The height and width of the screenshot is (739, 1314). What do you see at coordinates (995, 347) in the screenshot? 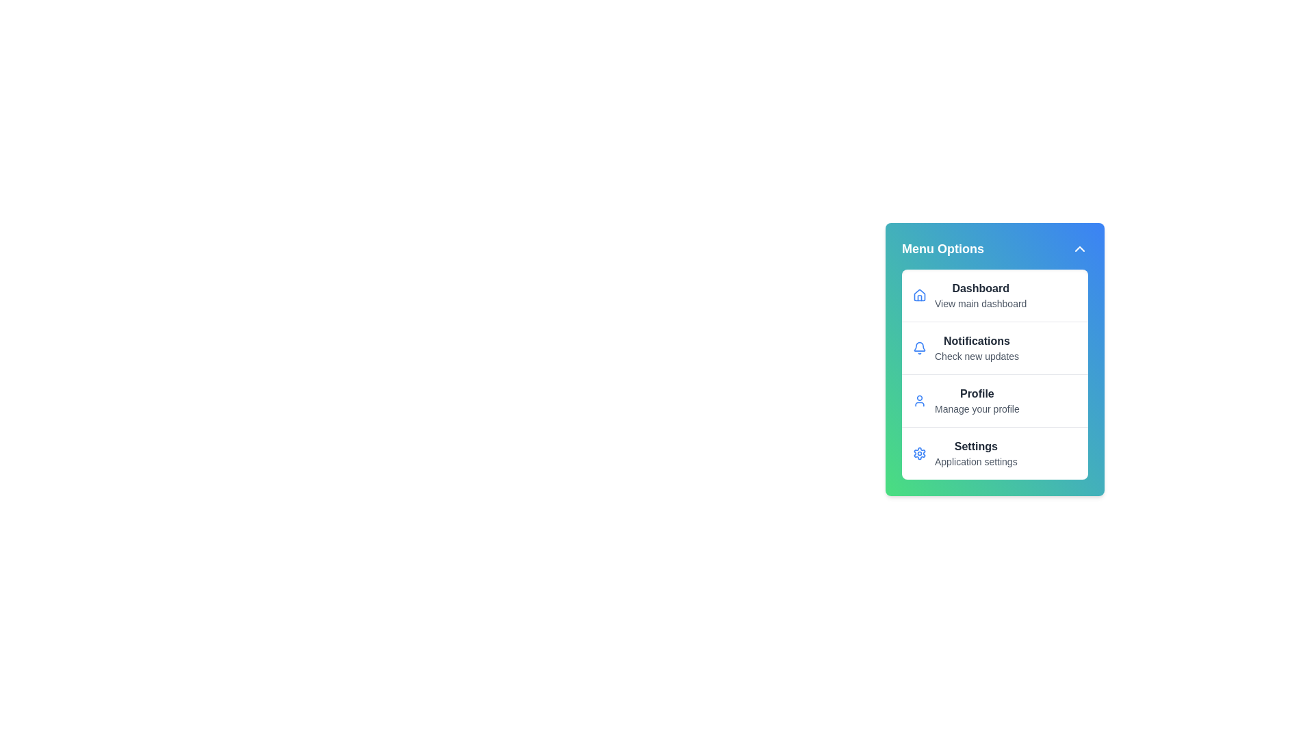
I see `the menu item corresponding to Notifications` at bounding box center [995, 347].